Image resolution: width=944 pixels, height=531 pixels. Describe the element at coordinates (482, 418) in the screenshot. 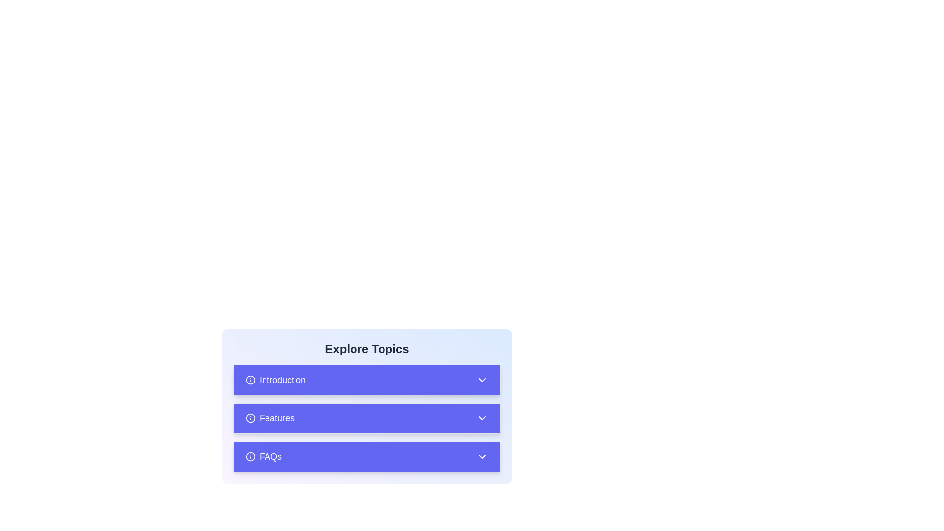

I see `the downward-facing chevron icon in the 'Features' section` at that location.